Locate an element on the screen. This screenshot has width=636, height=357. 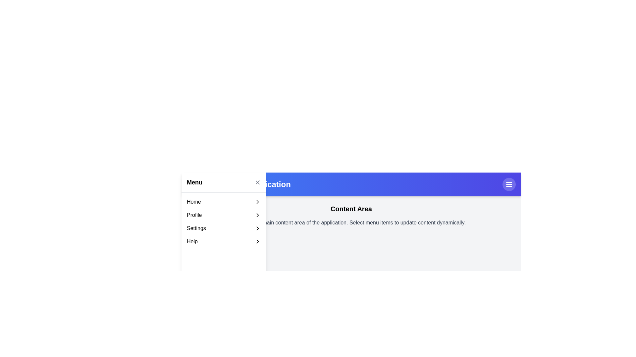
the indicator icon located at the far-right end of the 'Help' menu item in the sidebar menu is located at coordinates (257, 242).